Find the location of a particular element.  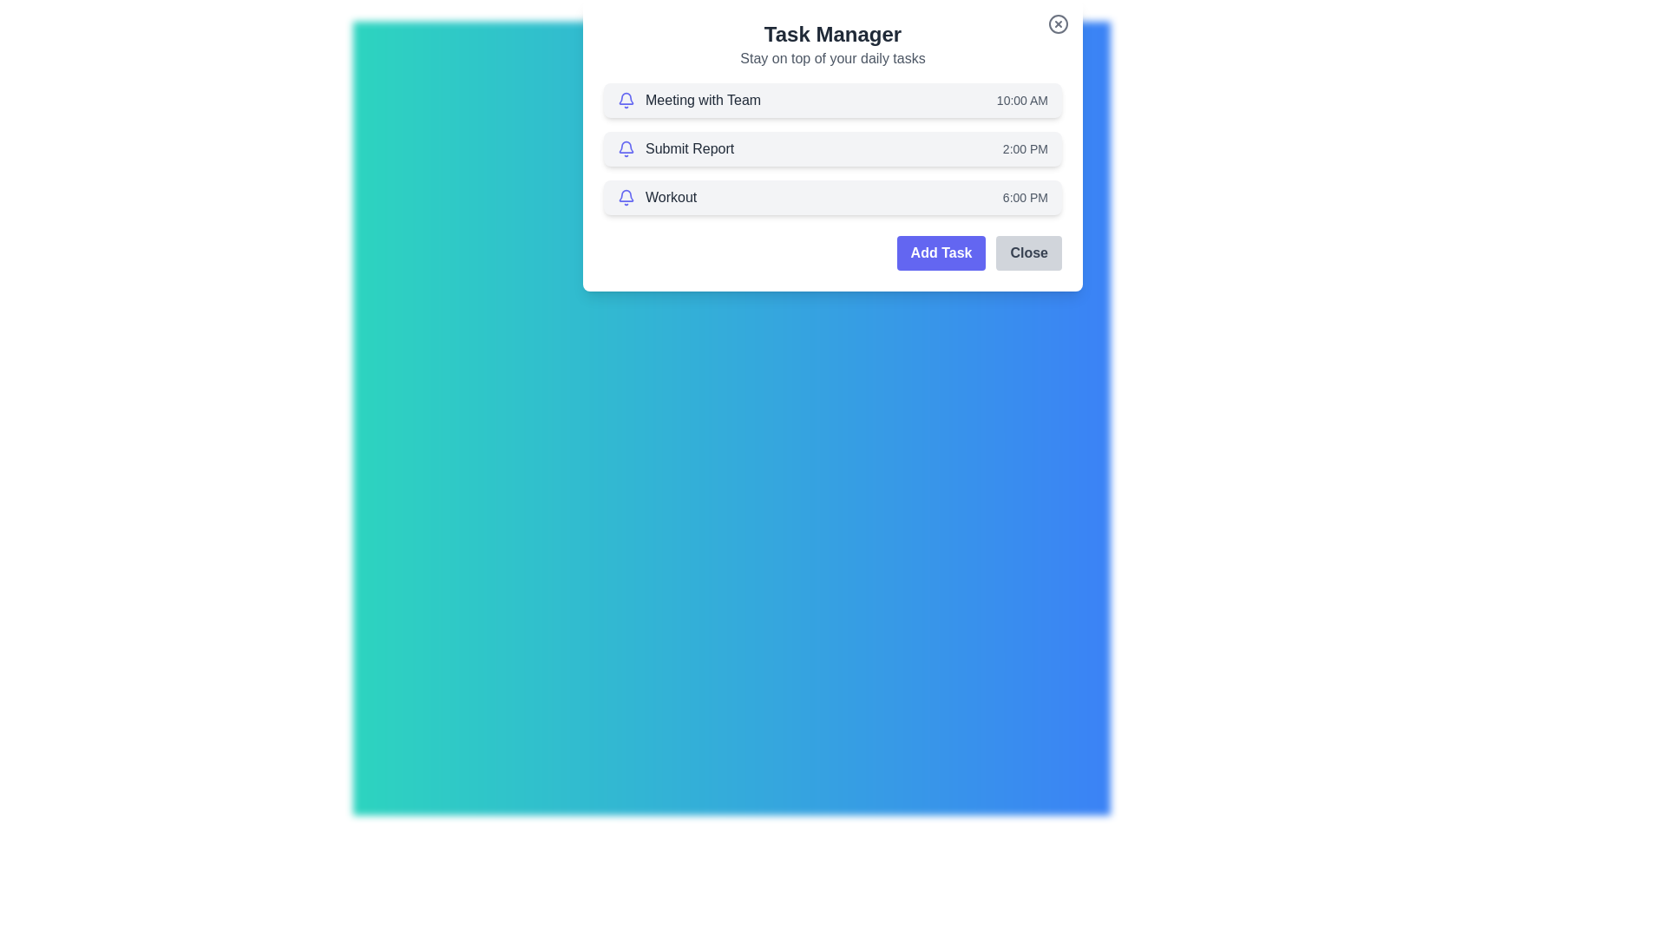

the notification indicator icon located at the leftmost position of the horizontal grouping, associated with the 'Submit Report' text is located at coordinates (625, 148).